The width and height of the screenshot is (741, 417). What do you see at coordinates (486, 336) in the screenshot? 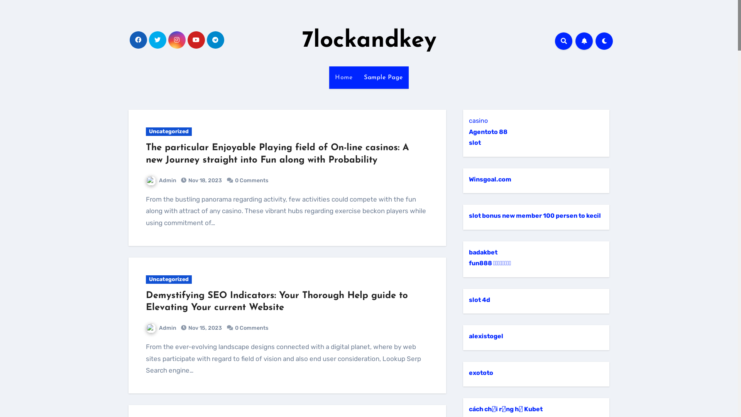
I see `'alexistogel'` at bounding box center [486, 336].